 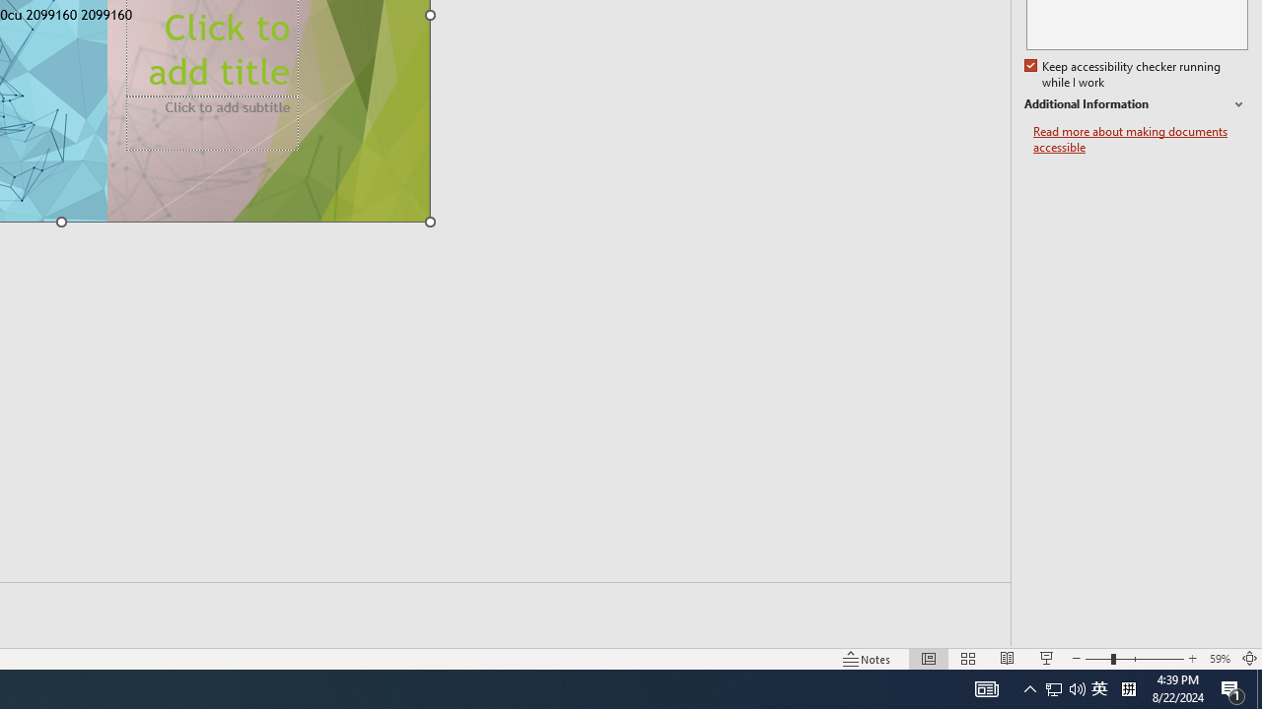 I want to click on 'Keep accessibility checker running while I work', so click(x=1124, y=74).